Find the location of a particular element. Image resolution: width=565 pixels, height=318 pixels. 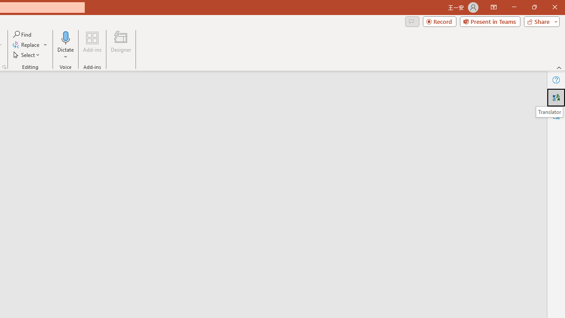

'Minimize' is located at coordinates (514, 7).